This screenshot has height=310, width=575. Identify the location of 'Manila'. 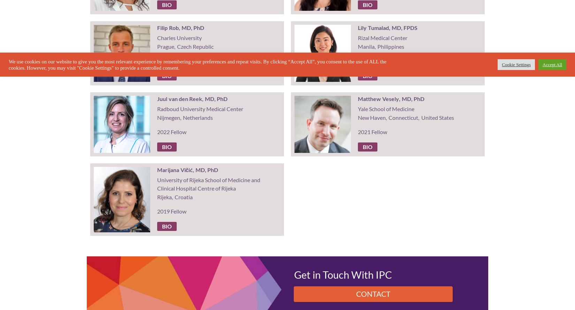
(366, 46).